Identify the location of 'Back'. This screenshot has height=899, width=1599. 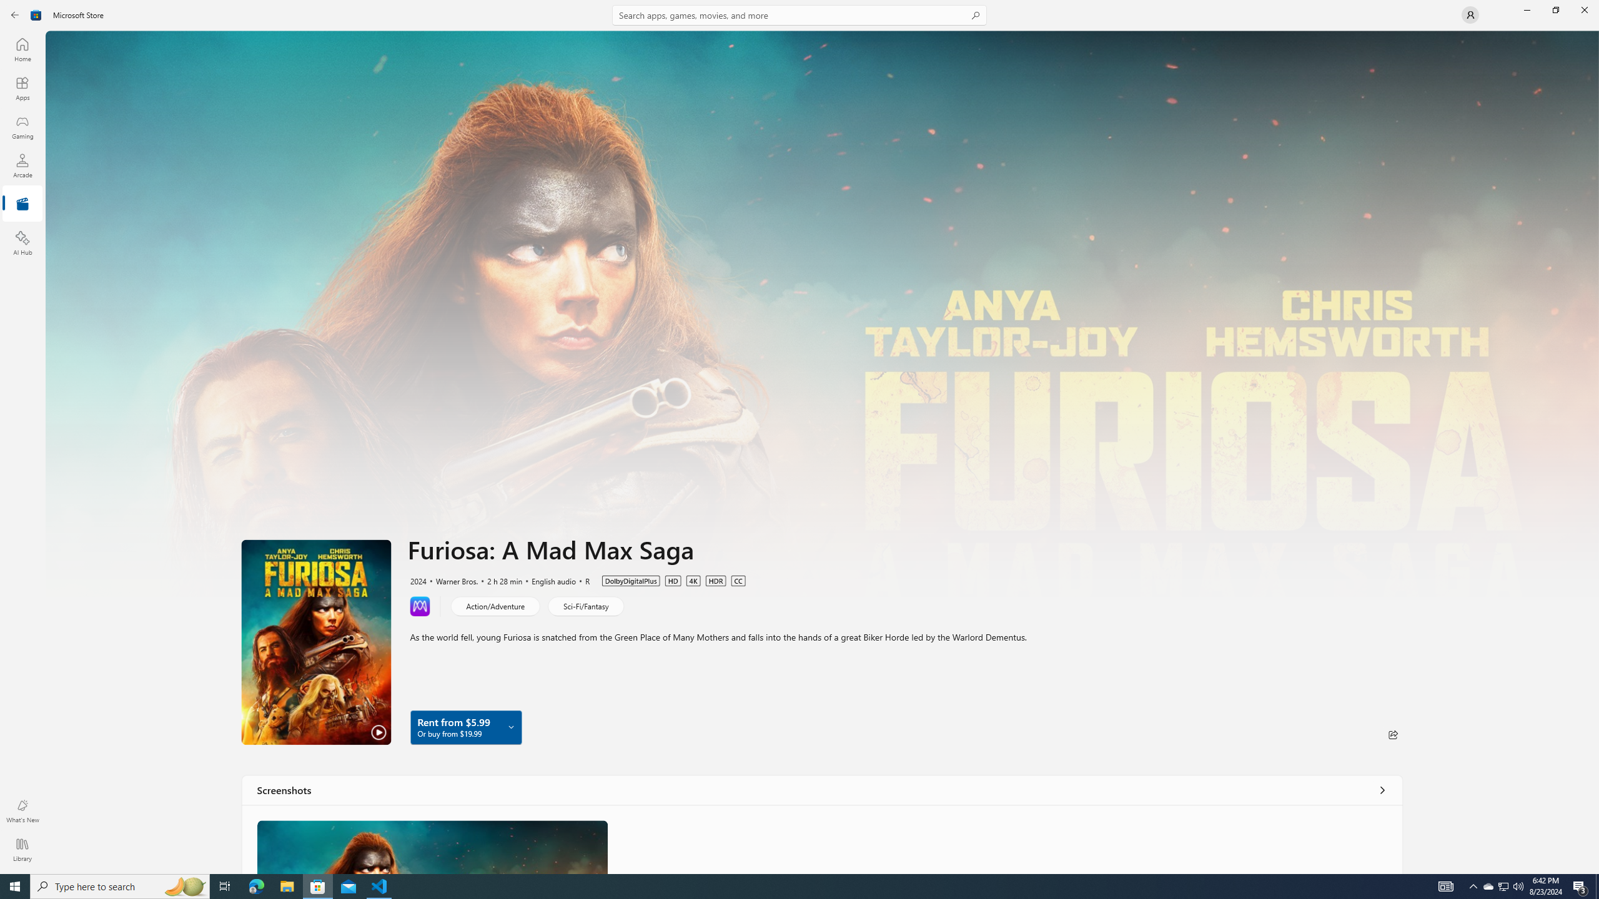
(15, 14).